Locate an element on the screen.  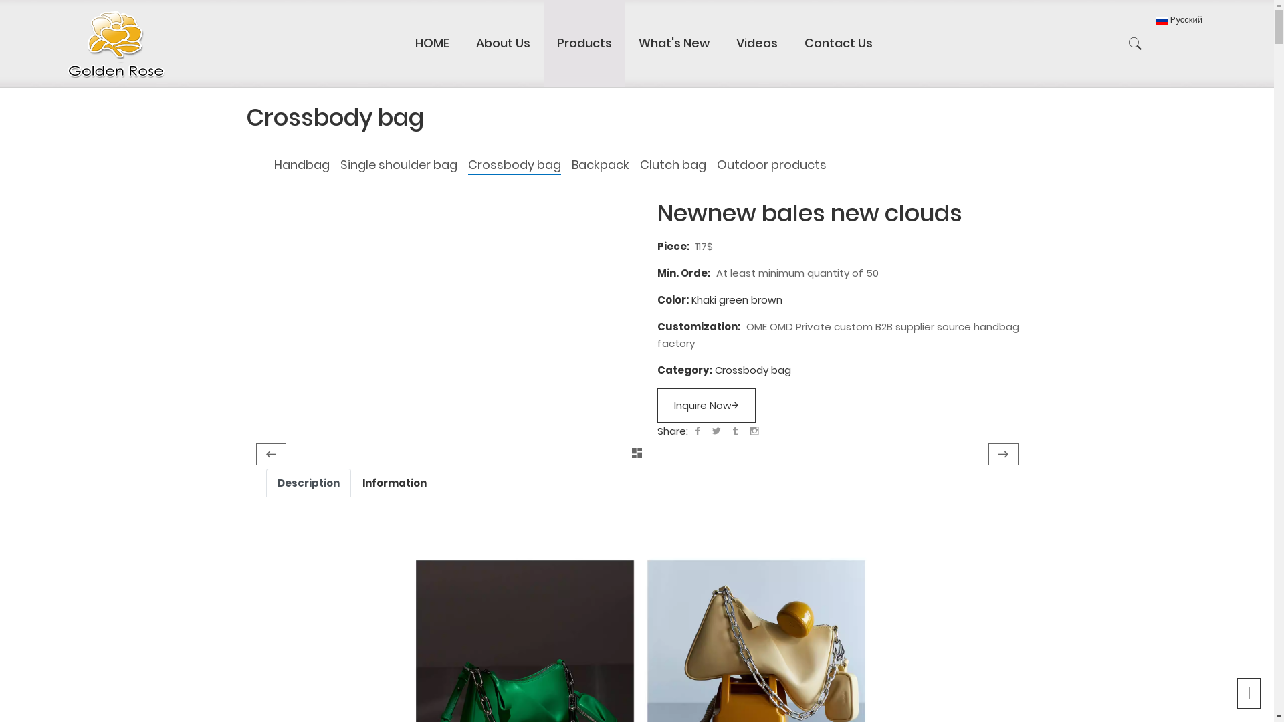
'Single shoulder bag' is located at coordinates (397, 164).